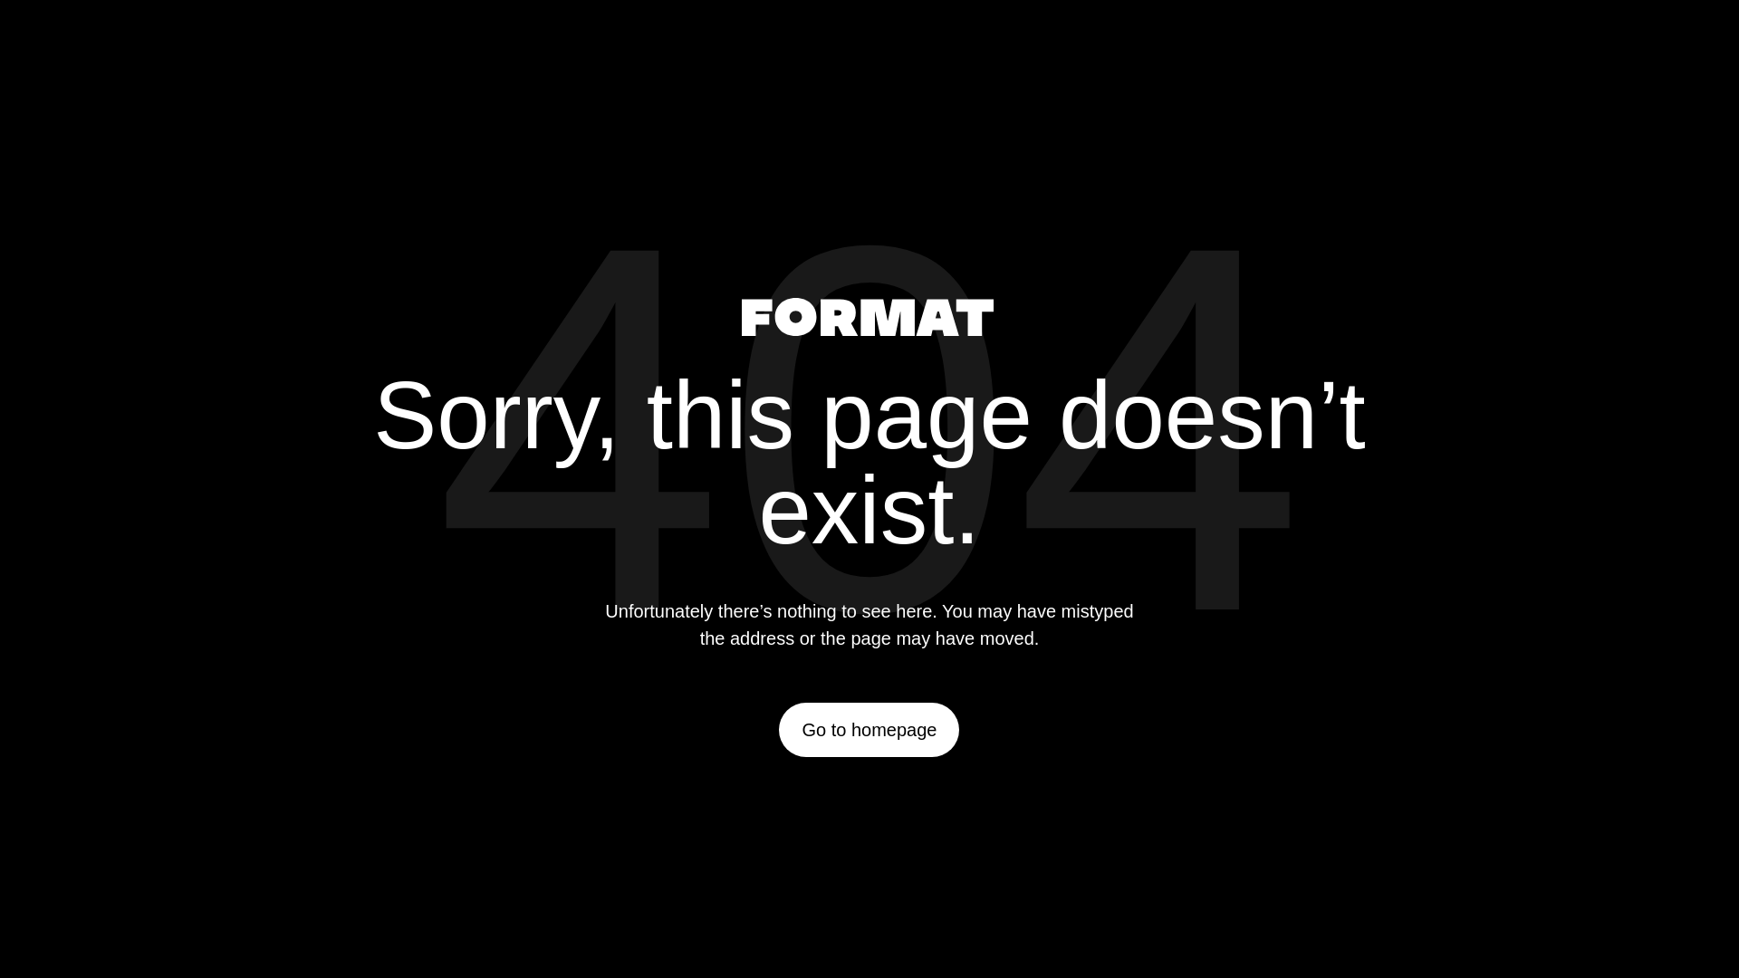 Image resolution: width=1739 pixels, height=978 pixels. I want to click on 'Go to homepage', so click(868, 729).